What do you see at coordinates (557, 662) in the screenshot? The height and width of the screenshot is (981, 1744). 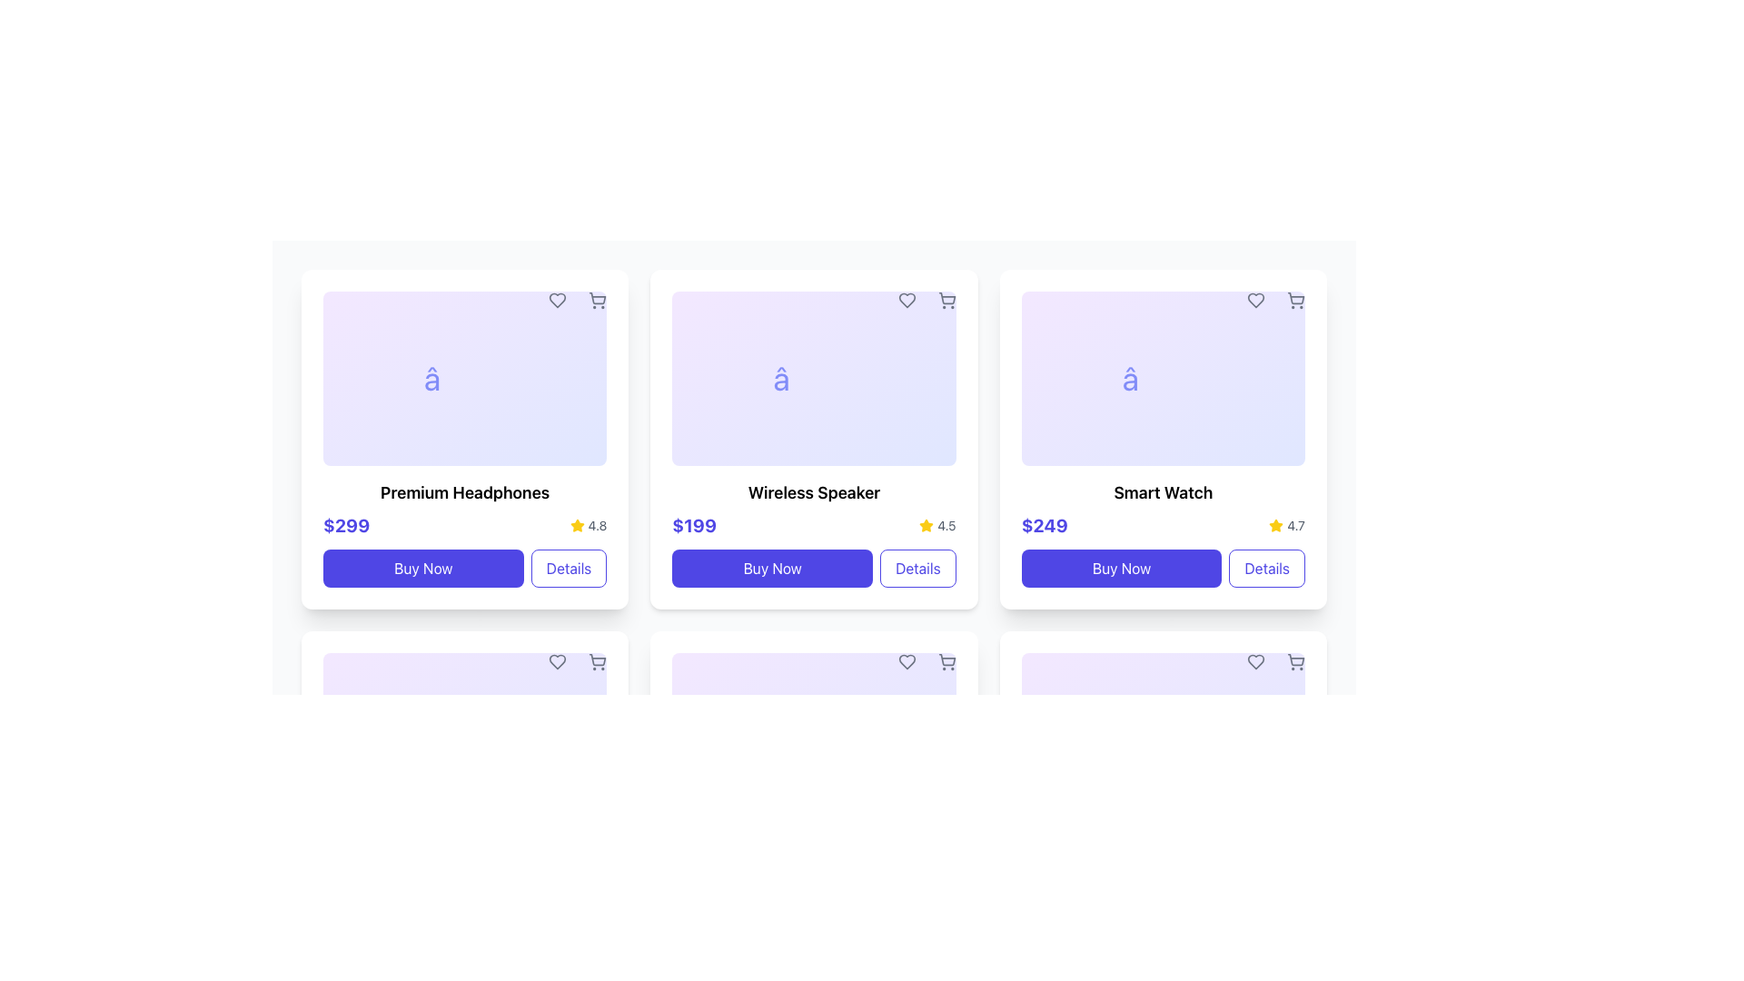 I see `the 'Premium Headphones' favorite icon located in the top-right corner of the product card` at bounding box center [557, 662].